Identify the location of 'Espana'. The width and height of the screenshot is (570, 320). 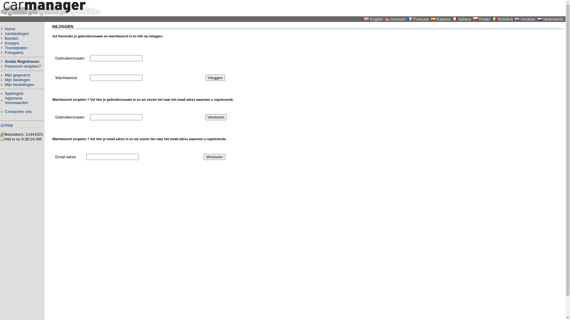
(444, 19).